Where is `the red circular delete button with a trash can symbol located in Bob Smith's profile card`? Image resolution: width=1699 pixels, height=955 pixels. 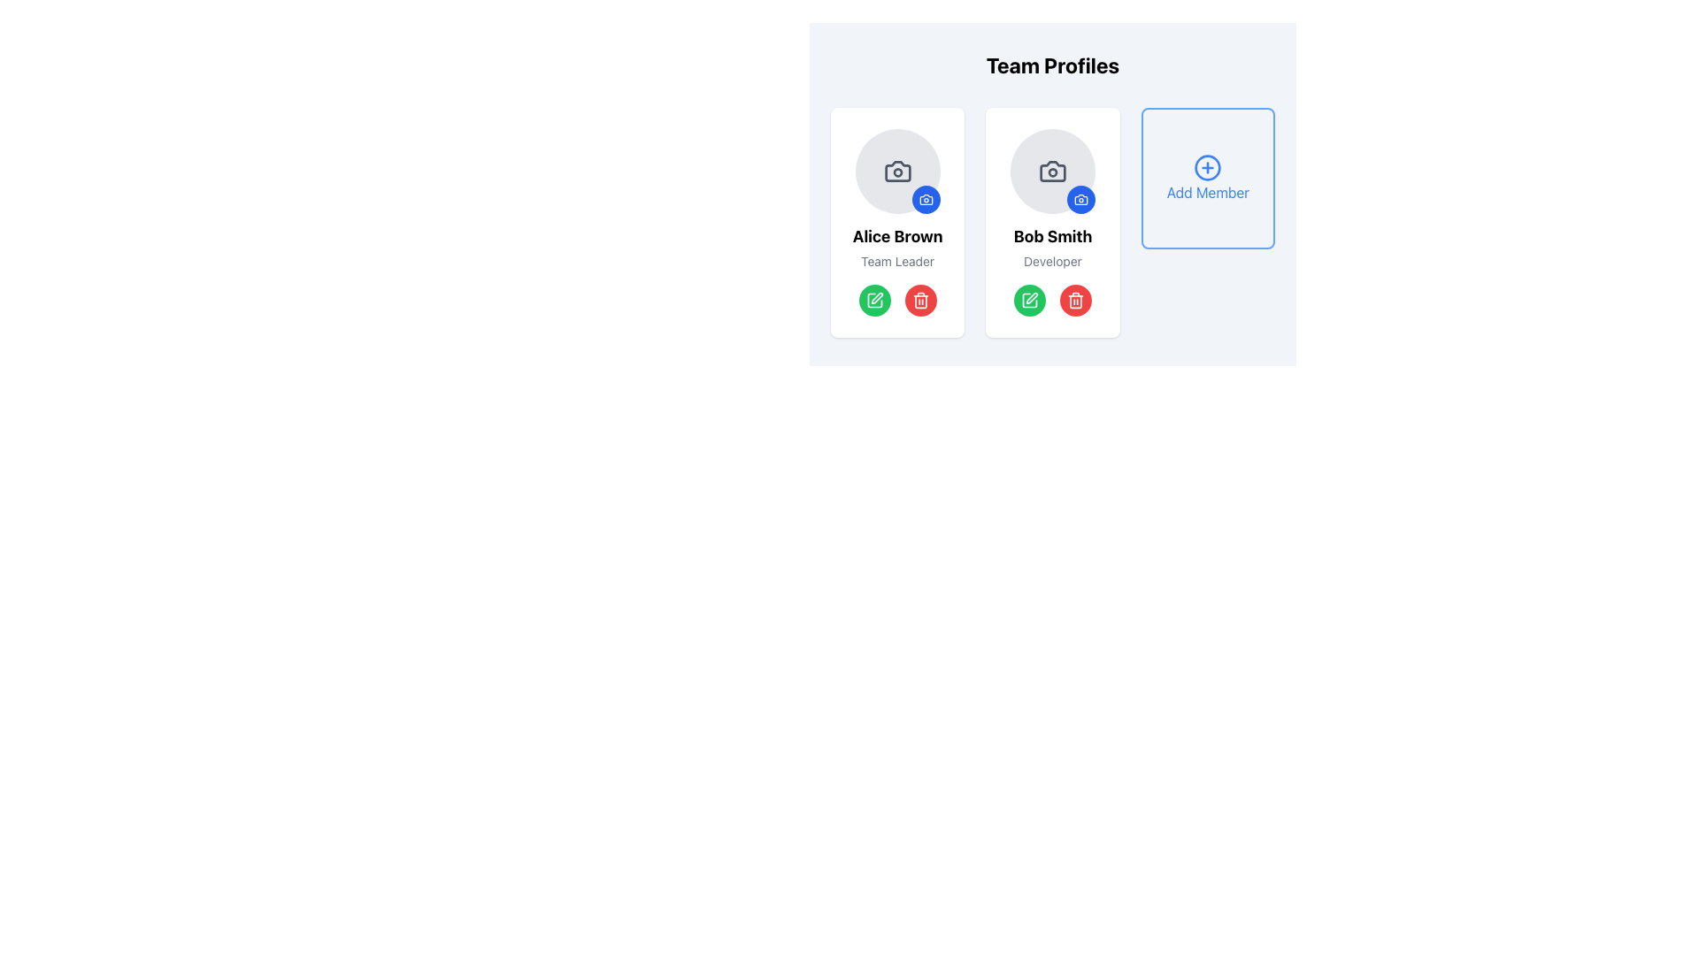 the red circular delete button with a trash can symbol located in Bob Smith's profile card is located at coordinates (920, 299).